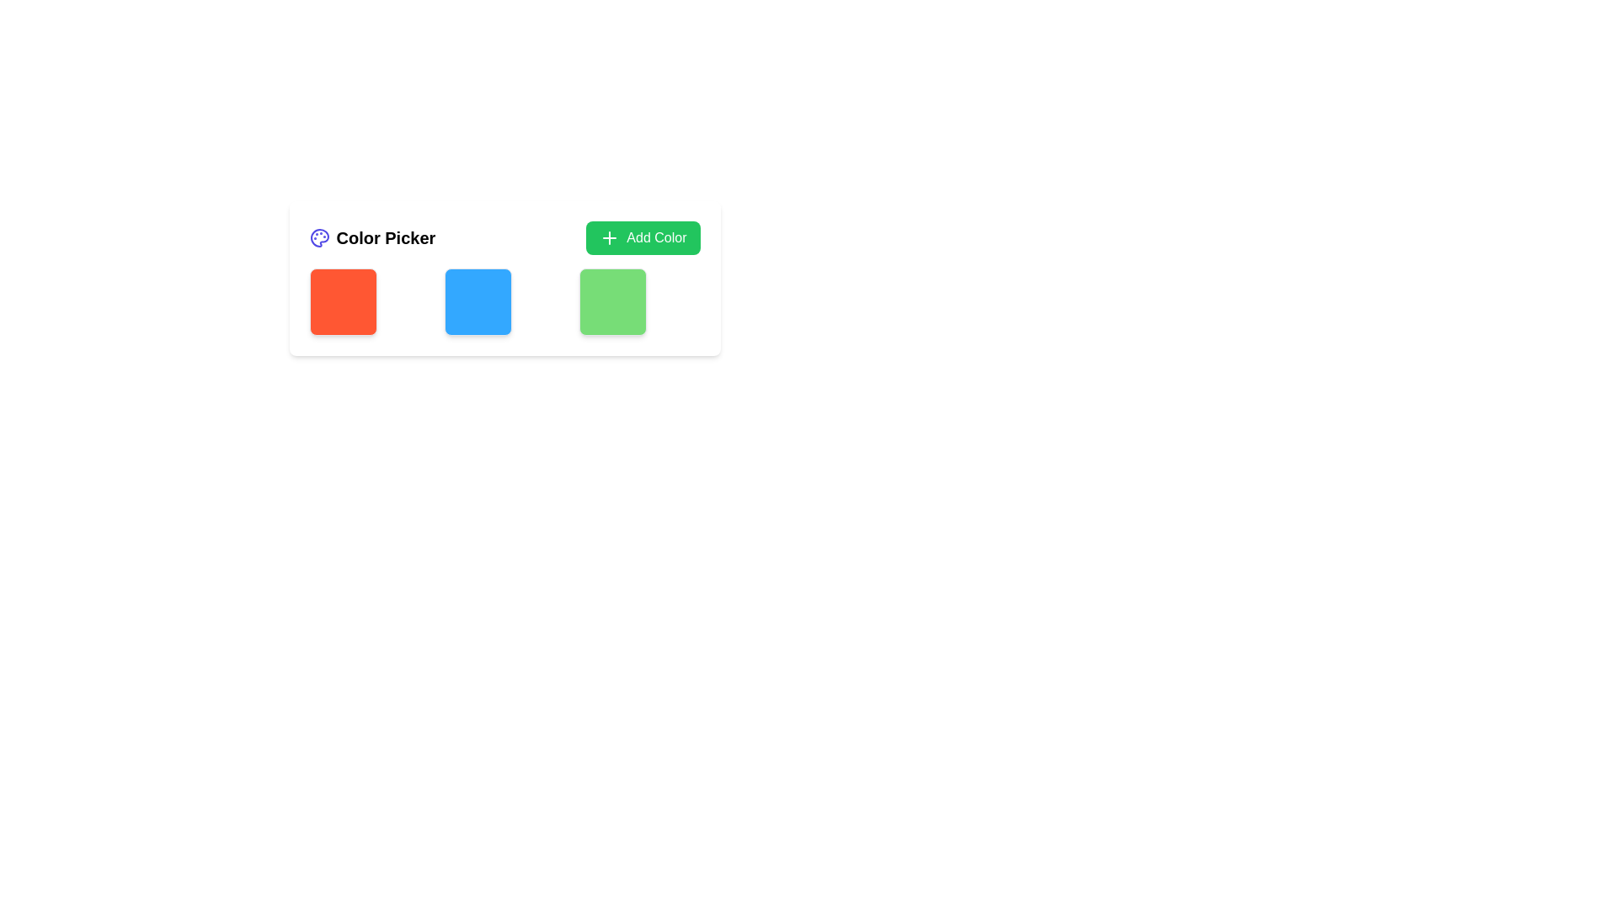  Describe the element at coordinates (642, 237) in the screenshot. I see `the green 'Add Color' button with white text and a plus icon to observe its hover effect` at that location.